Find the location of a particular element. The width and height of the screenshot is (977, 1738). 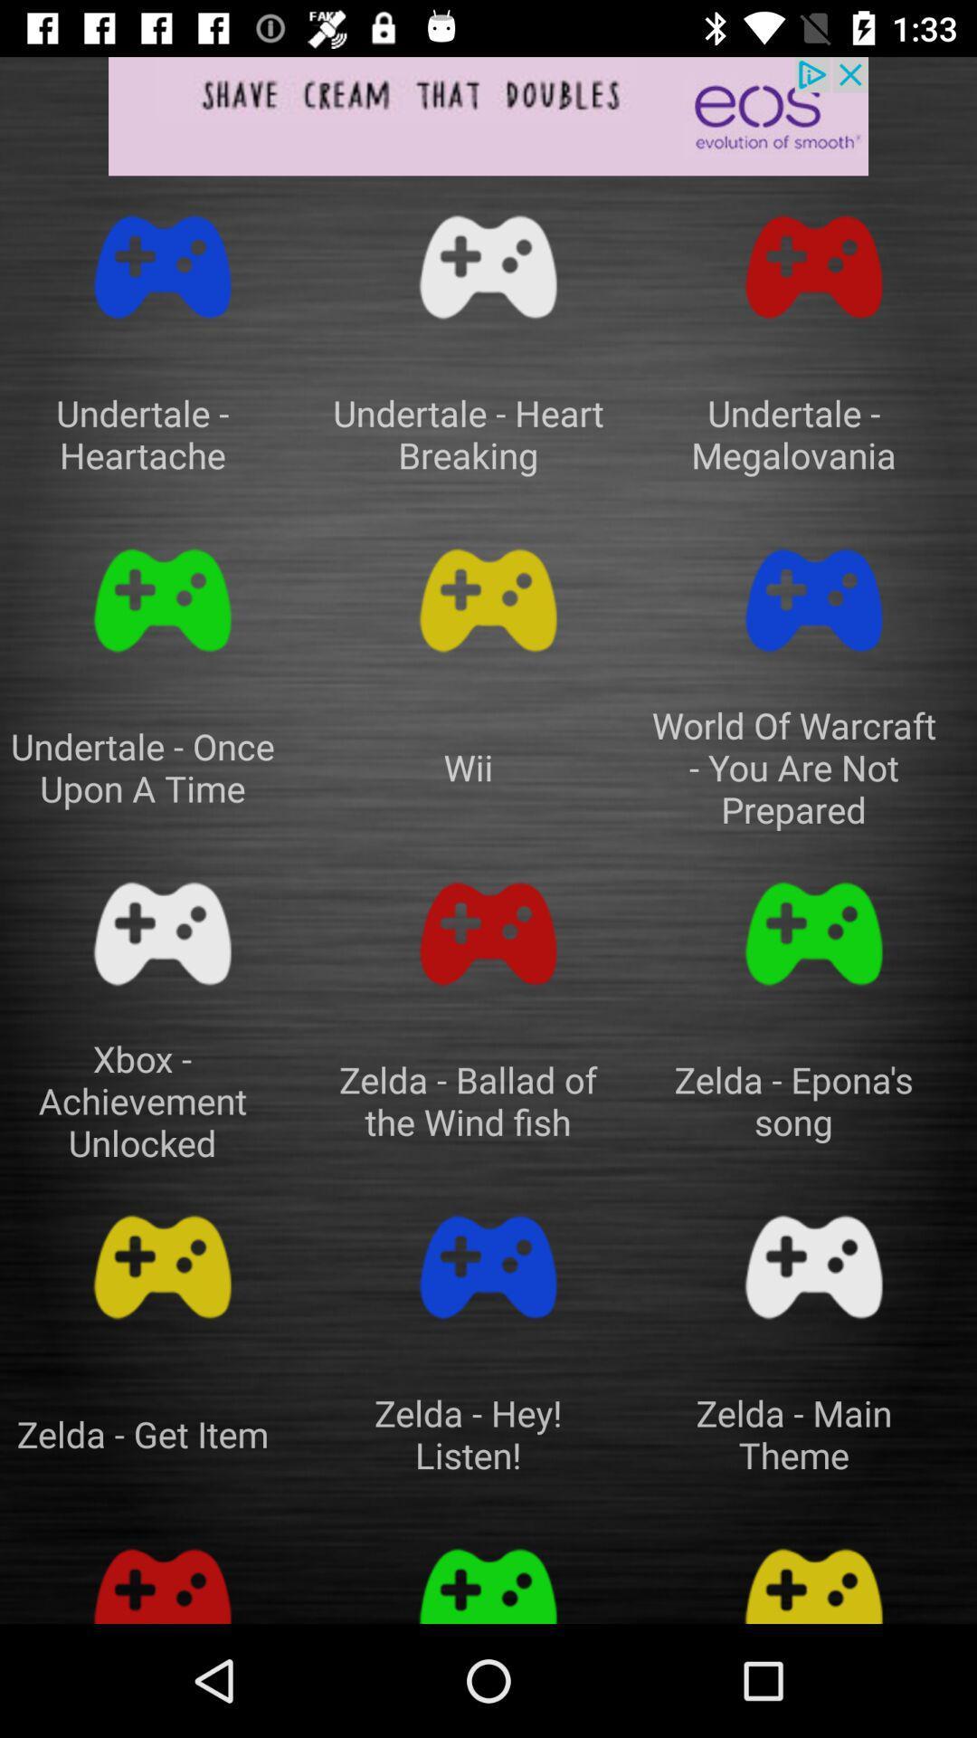

banner is located at coordinates (488, 115).